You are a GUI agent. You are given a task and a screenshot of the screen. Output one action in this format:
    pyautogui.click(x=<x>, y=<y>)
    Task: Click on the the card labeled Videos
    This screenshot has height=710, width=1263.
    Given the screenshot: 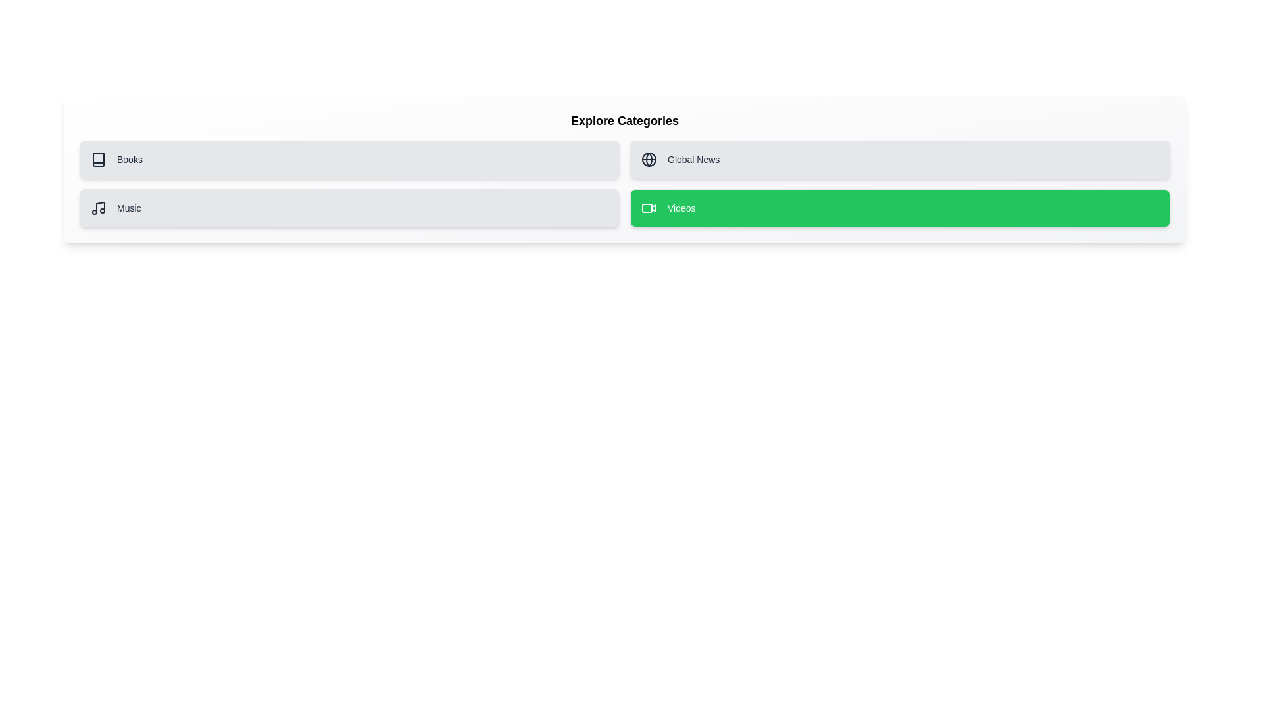 What is the action you would take?
    pyautogui.click(x=899, y=207)
    